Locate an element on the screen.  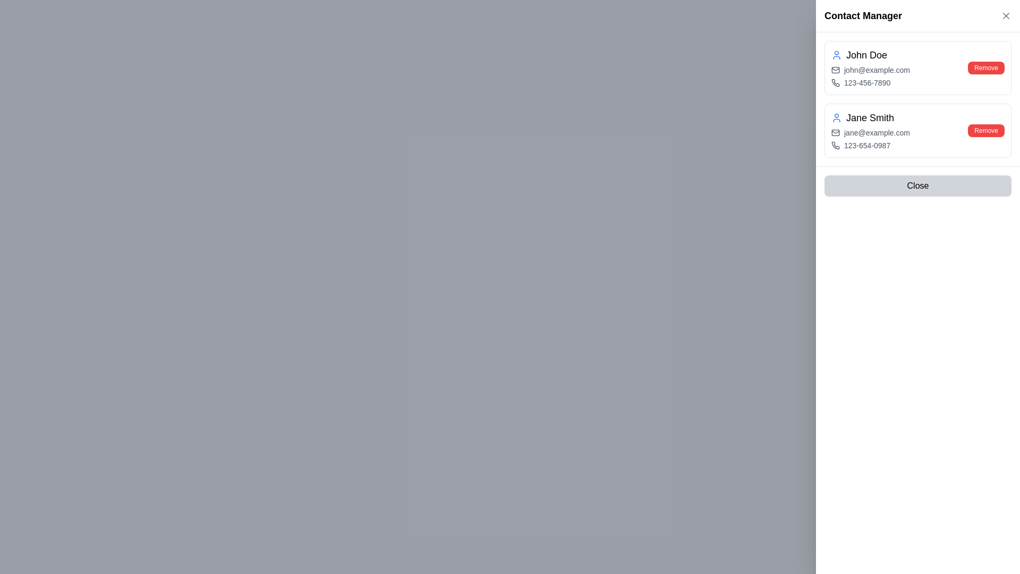
the 'Remove' button with a red background in the 'Contact Manager' interface, located on the right side of John Doe's contact information is located at coordinates (985, 67).